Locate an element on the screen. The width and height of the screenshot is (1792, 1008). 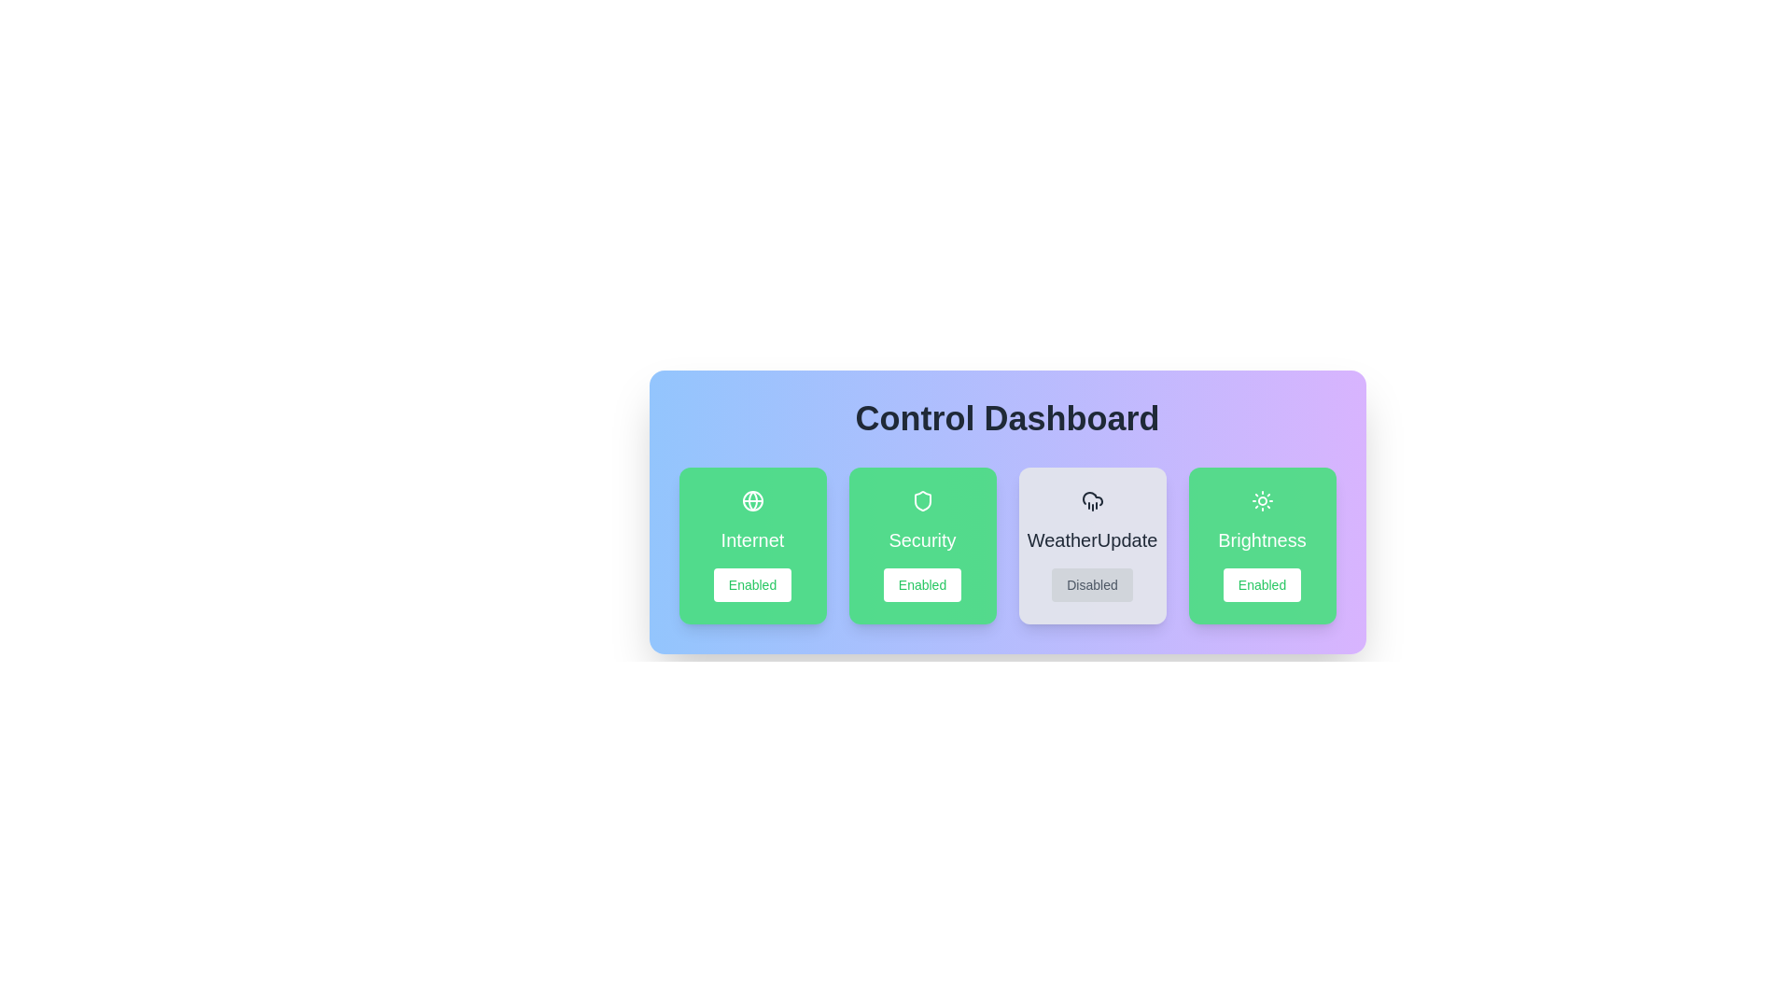
button to toggle the state of the feature WeatherUpdate is located at coordinates (1092, 584).